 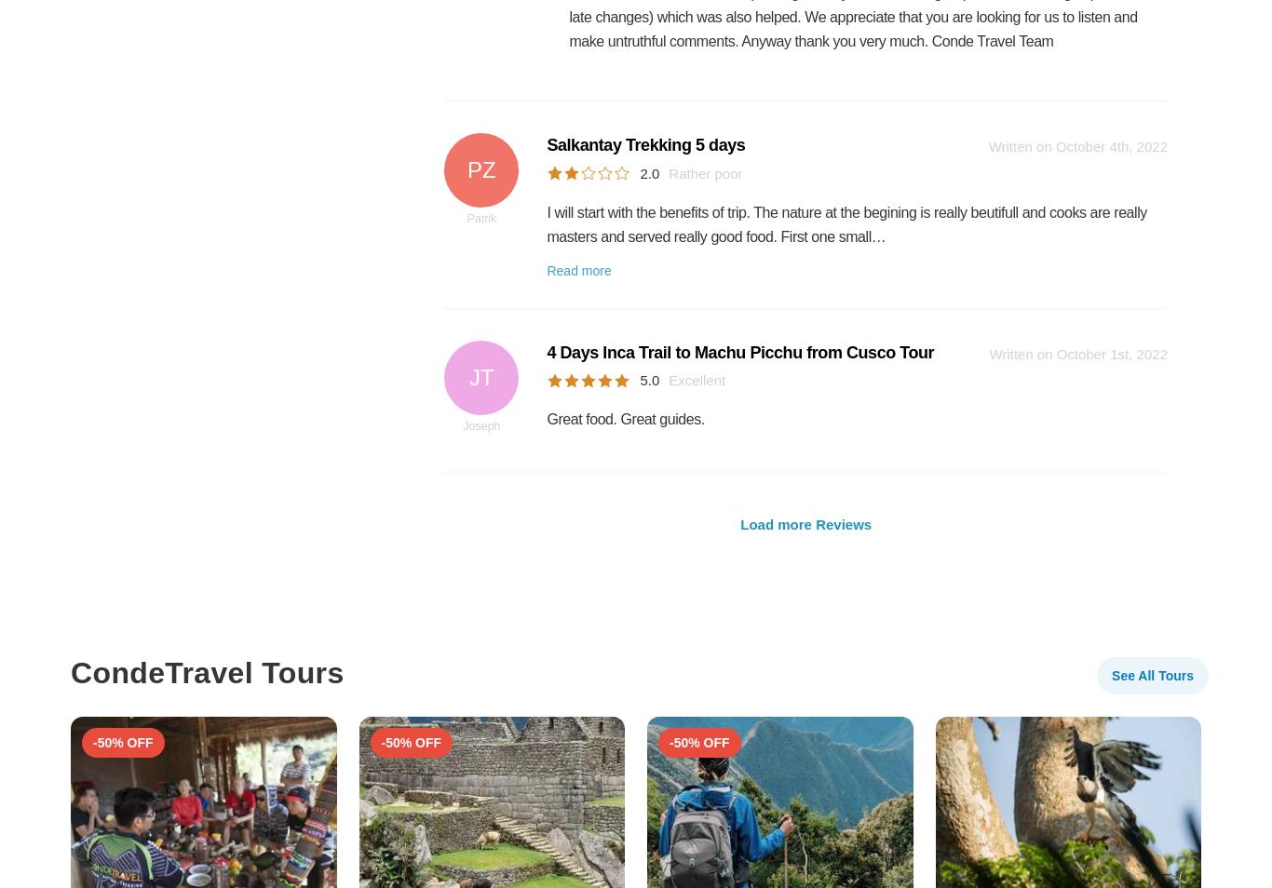 I want to click on 'Load more Reviews', so click(x=805, y=523).